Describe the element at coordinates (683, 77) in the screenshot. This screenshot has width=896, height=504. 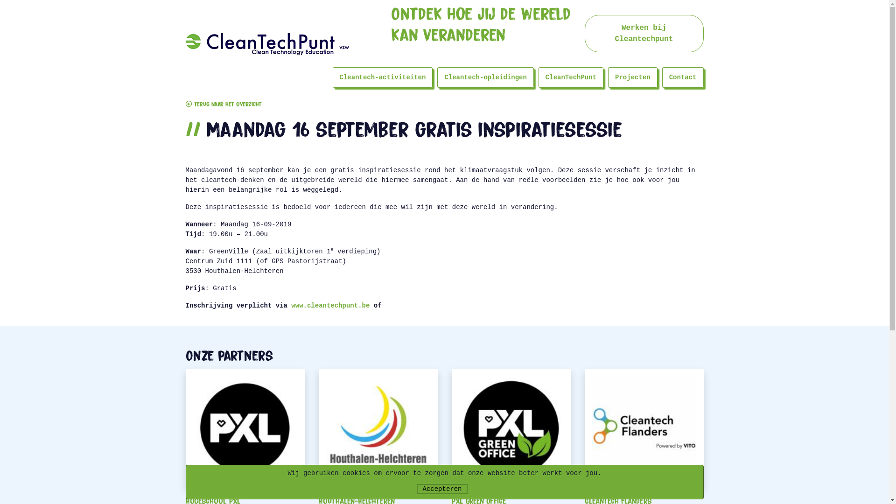
I see `'Contact'` at that location.